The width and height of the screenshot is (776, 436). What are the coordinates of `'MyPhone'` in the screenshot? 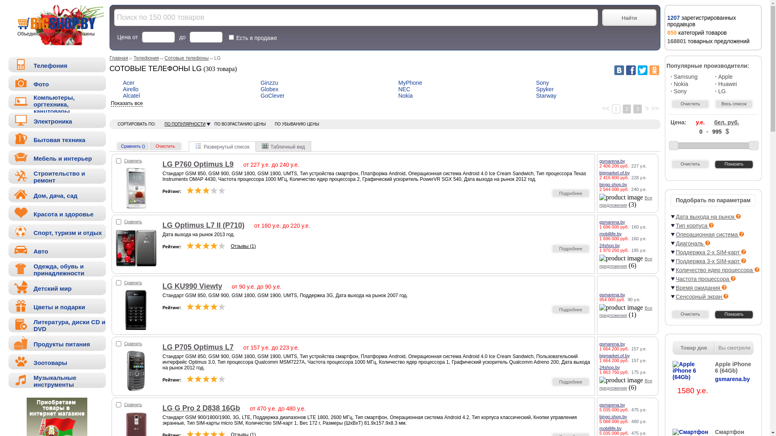 It's located at (410, 82).